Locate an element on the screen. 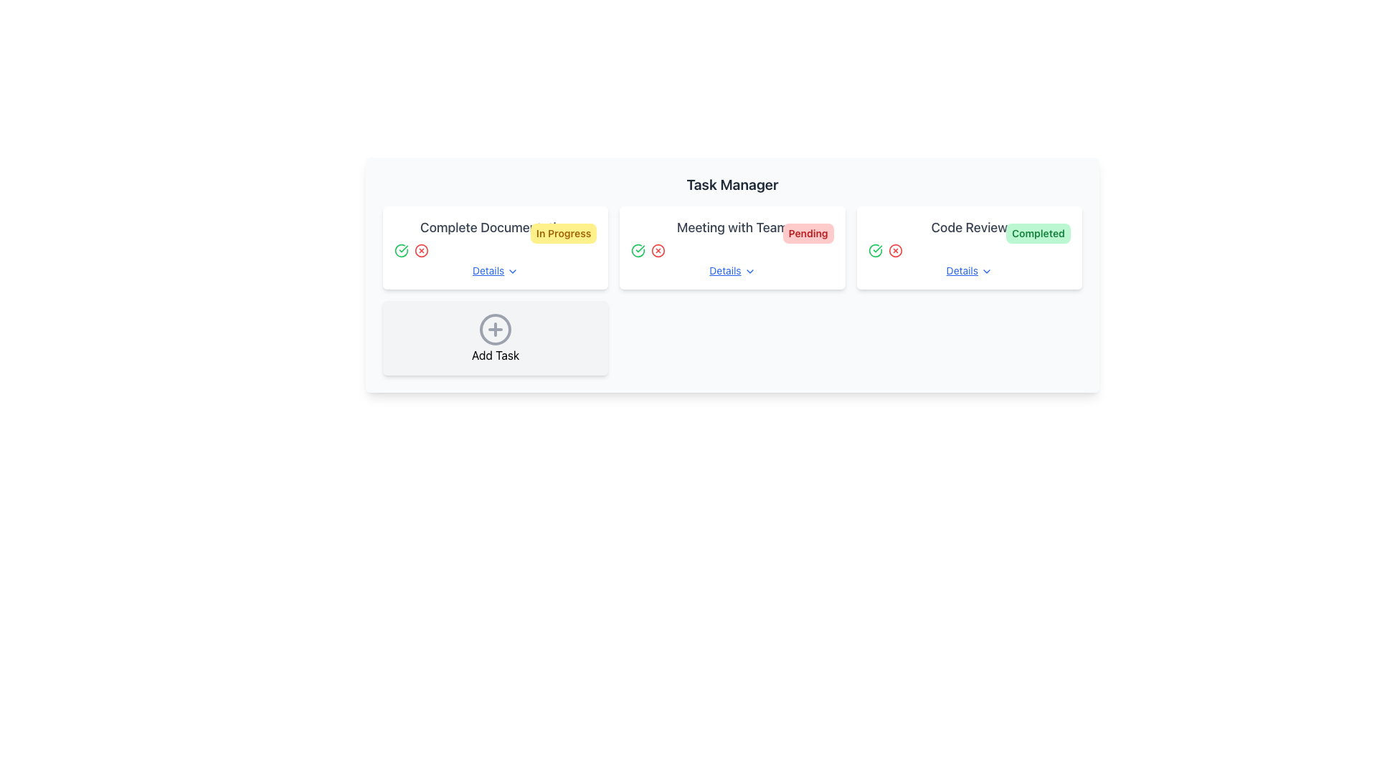 Image resolution: width=1377 pixels, height=774 pixels. the circular icon button with a plus symbol, located at the top center of the 'Add Task' card in the task management interface is located at coordinates (496, 329).